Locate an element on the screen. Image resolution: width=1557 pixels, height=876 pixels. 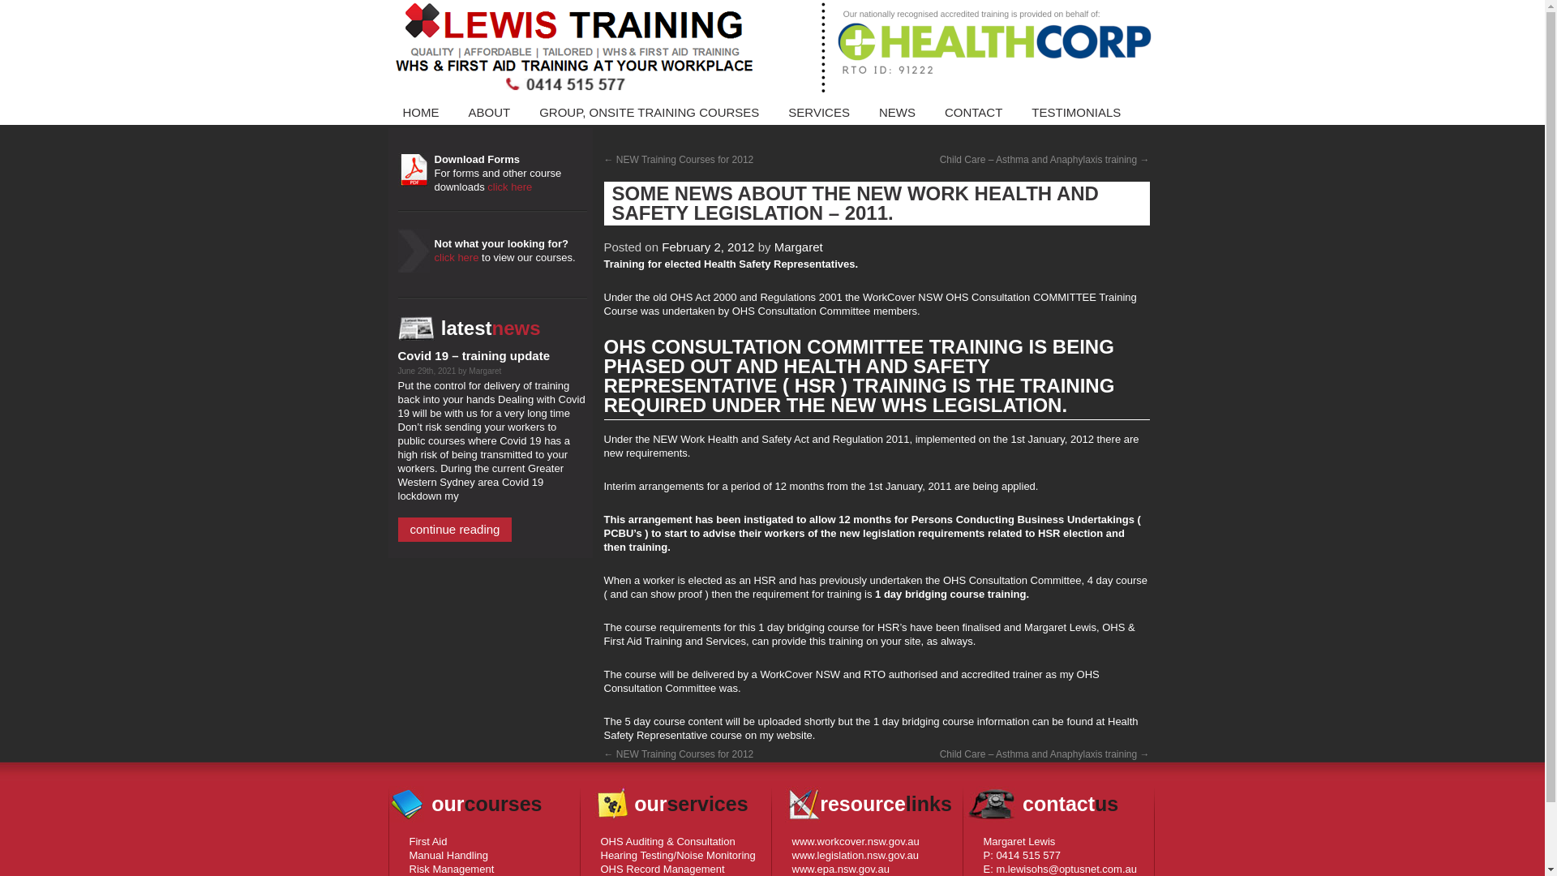
'HOME' is located at coordinates (420, 111).